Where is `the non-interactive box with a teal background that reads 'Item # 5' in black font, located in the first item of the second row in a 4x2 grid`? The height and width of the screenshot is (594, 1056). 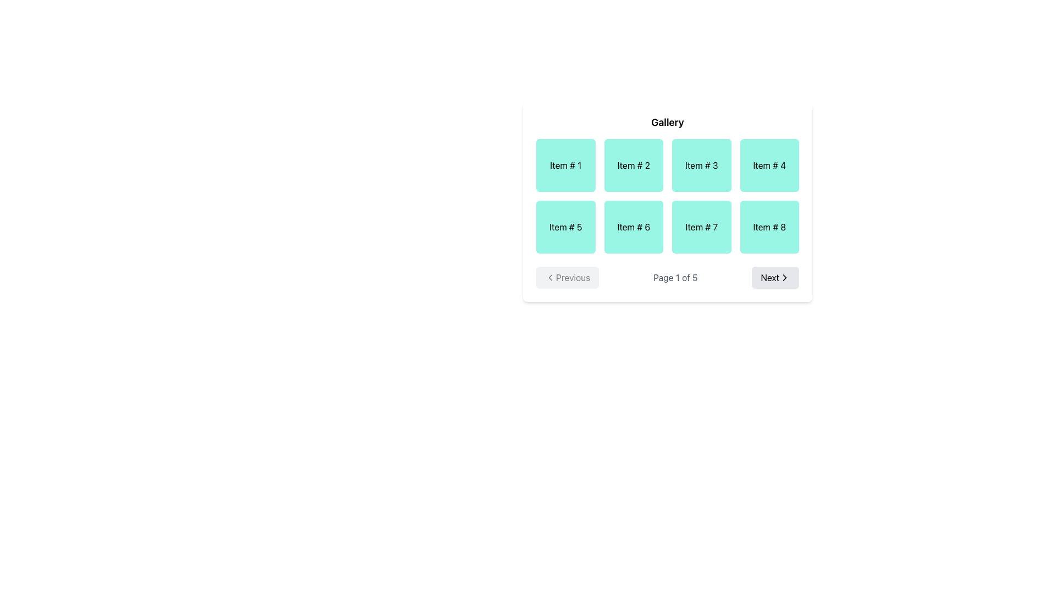 the non-interactive box with a teal background that reads 'Item # 5' in black font, located in the first item of the second row in a 4x2 grid is located at coordinates (565, 226).